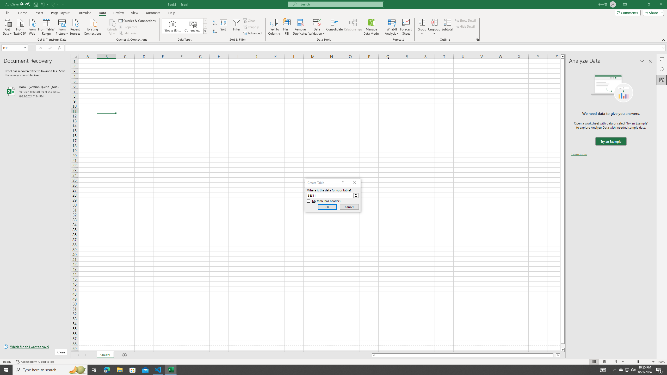  Describe the element at coordinates (579, 154) in the screenshot. I see `'Learn more'` at that location.